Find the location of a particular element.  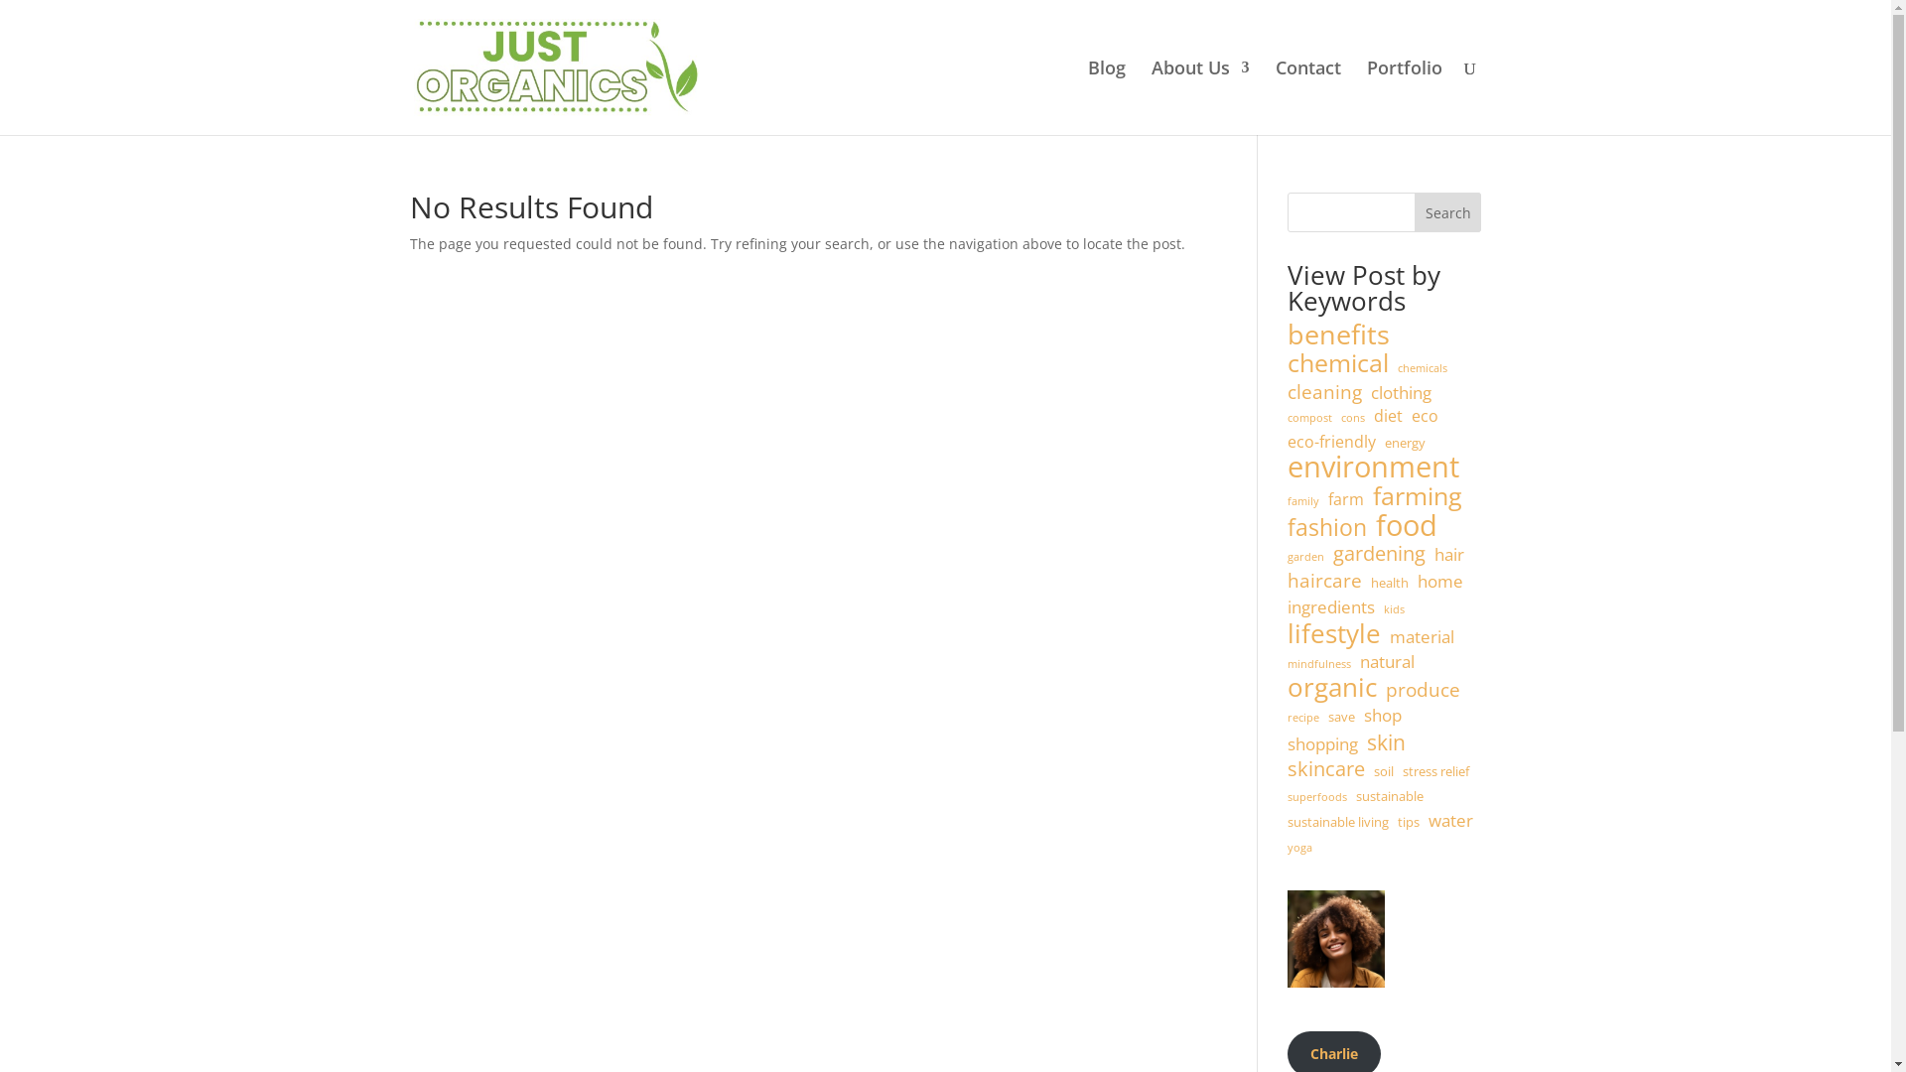

'gardening' is located at coordinates (1378, 554).